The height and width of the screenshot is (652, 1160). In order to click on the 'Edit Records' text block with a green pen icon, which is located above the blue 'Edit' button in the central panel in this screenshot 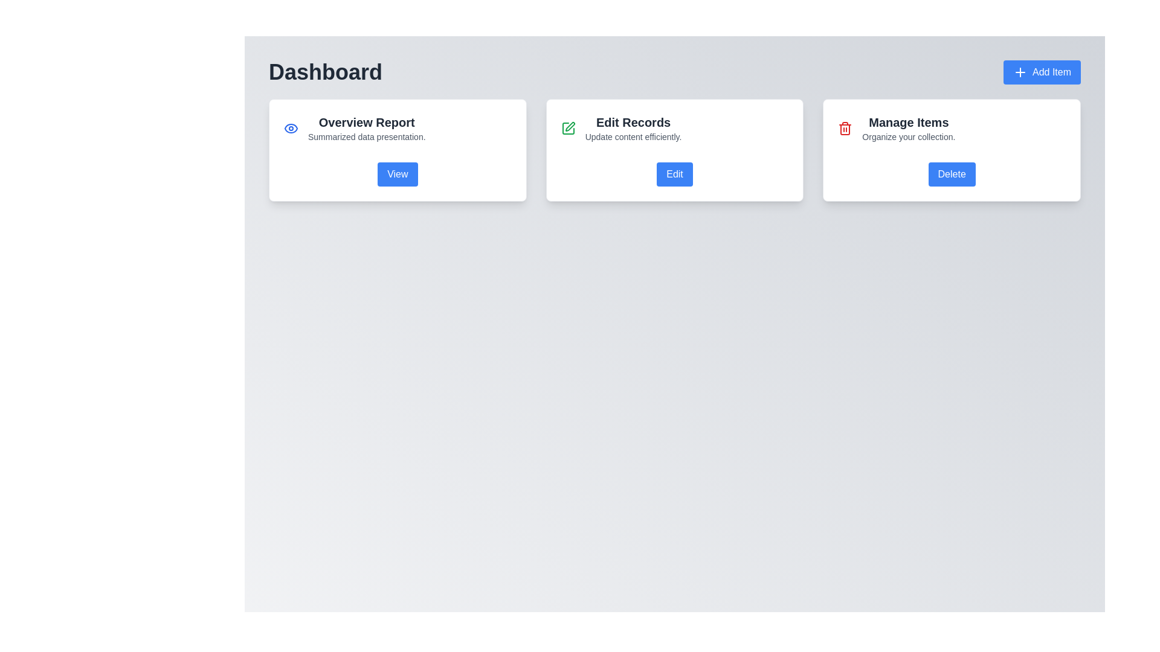, I will do `click(674, 128)`.